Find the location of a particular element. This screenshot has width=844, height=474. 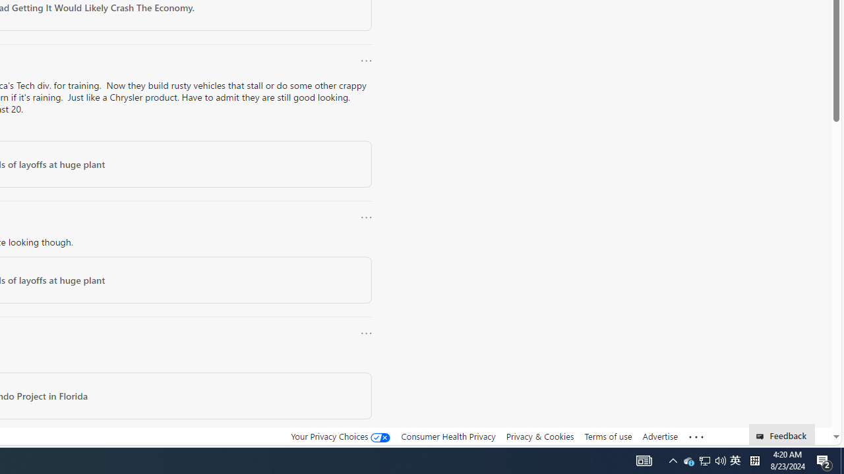

'Your Privacy Choices' is located at coordinates (341, 436).